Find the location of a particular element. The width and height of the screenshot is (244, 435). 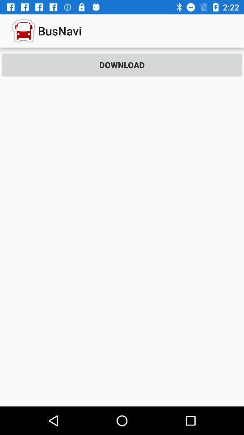

the icon at the center is located at coordinates (122, 242).